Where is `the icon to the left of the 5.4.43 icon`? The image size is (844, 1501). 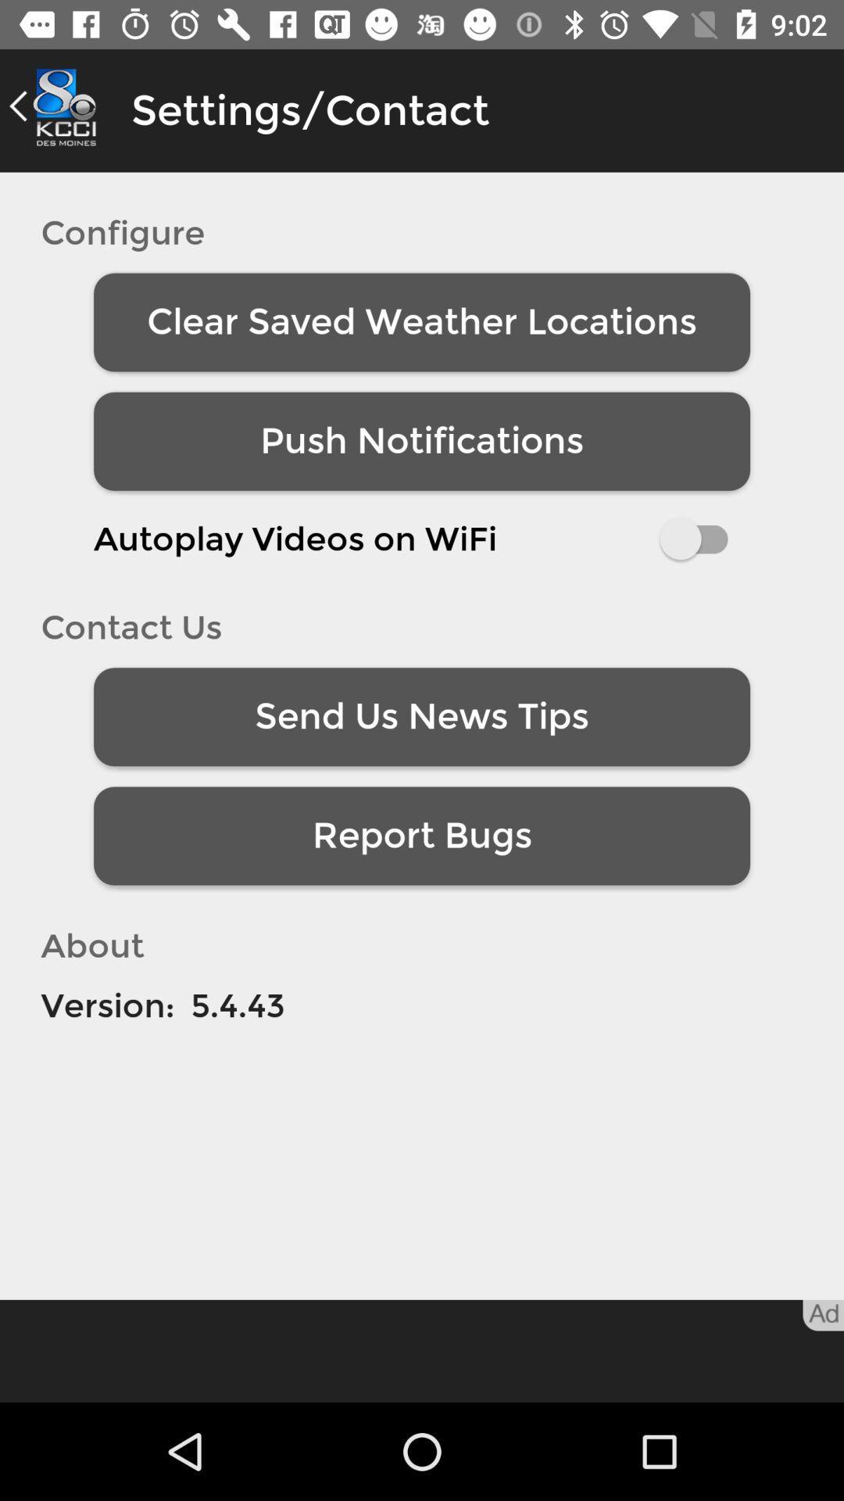
the icon to the left of the 5.4.43 icon is located at coordinates (107, 1005).